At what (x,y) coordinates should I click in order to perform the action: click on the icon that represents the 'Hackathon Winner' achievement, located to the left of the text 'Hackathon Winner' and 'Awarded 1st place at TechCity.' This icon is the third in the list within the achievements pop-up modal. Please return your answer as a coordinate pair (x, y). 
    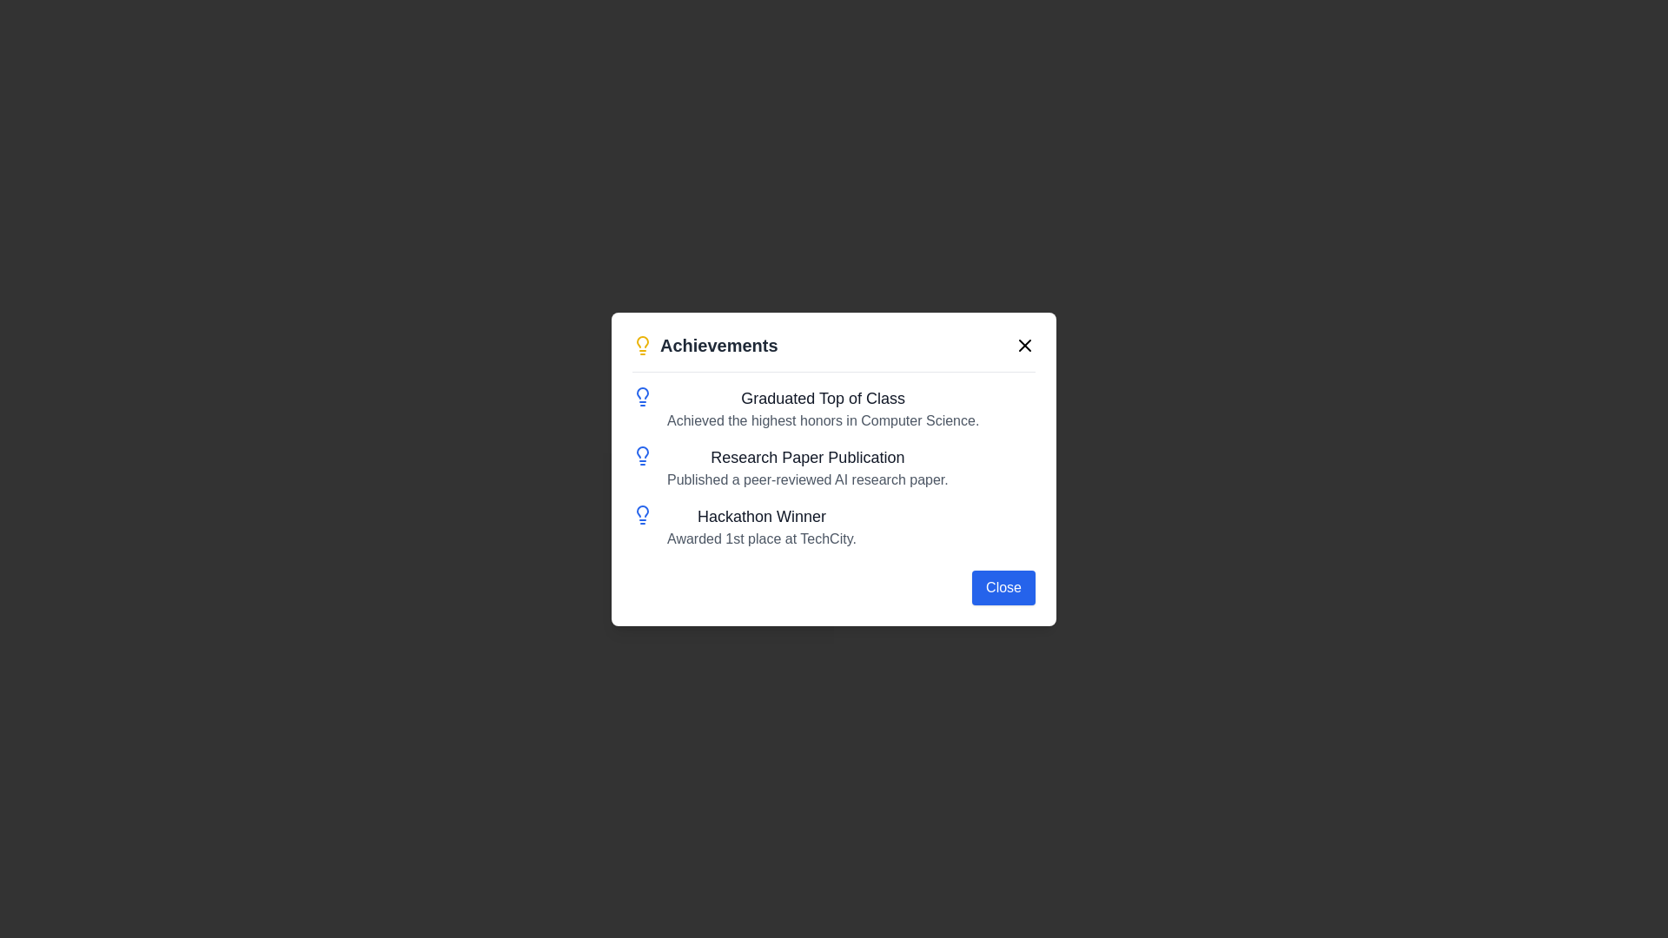
    Looking at the image, I should click on (641, 513).